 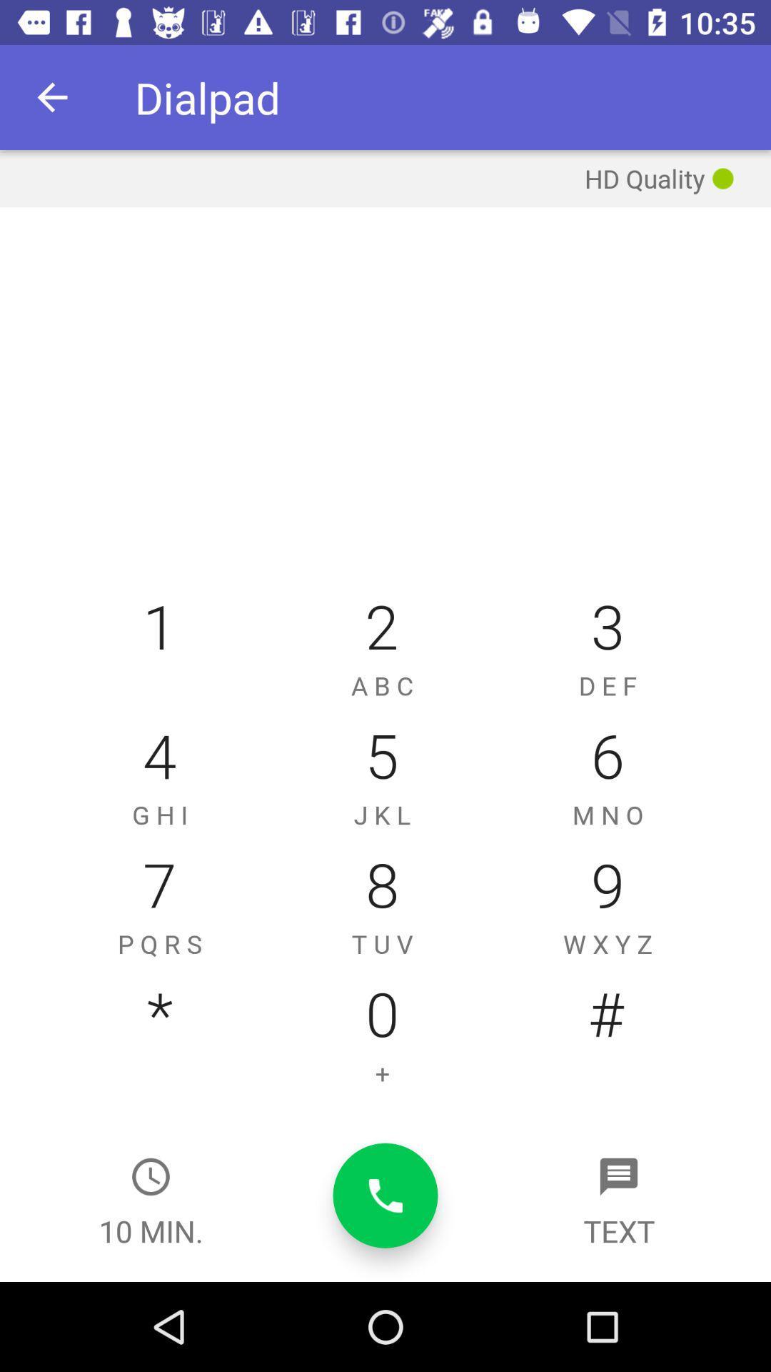 What do you see at coordinates (385, 1195) in the screenshot?
I see `the call icon` at bounding box center [385, 1195].